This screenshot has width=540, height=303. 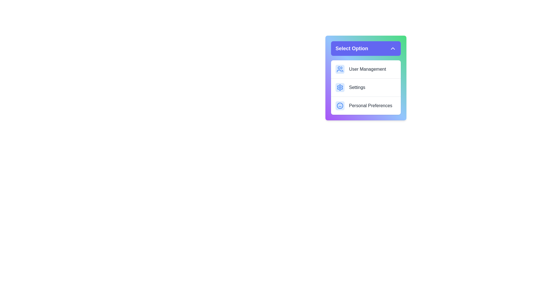 What do you see at coordinates (366, 78) in the screenshot?
I see `the 'Settings' list item in the dropdown menu` at bounding box center [366, 78].